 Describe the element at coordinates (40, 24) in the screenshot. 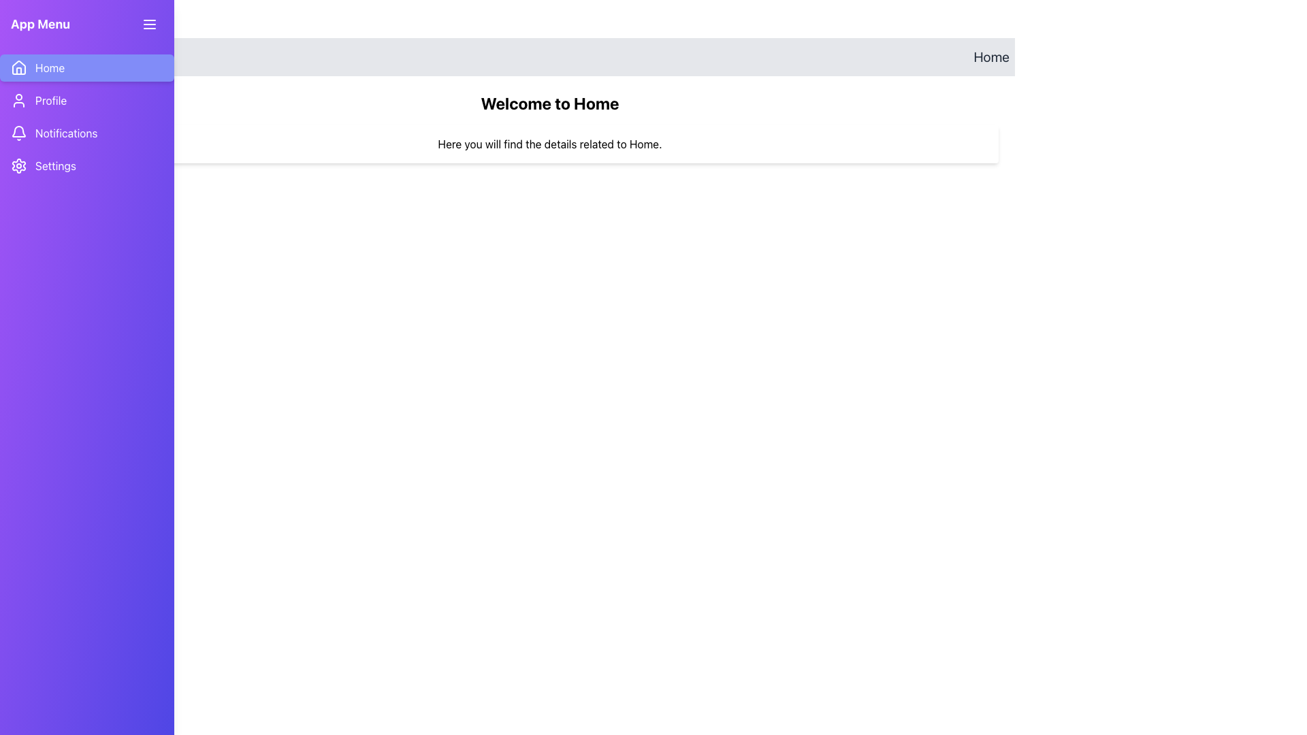

I see `the 'App Menu' text element, which is styled in white on a purple background and located in the top-left corner of the interface` at that location.